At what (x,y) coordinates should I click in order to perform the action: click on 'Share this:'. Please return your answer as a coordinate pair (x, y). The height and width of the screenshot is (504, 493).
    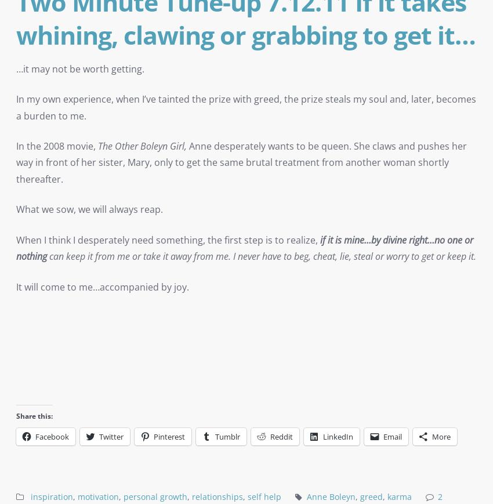
    Looking at the image, I should click on (34, 416).